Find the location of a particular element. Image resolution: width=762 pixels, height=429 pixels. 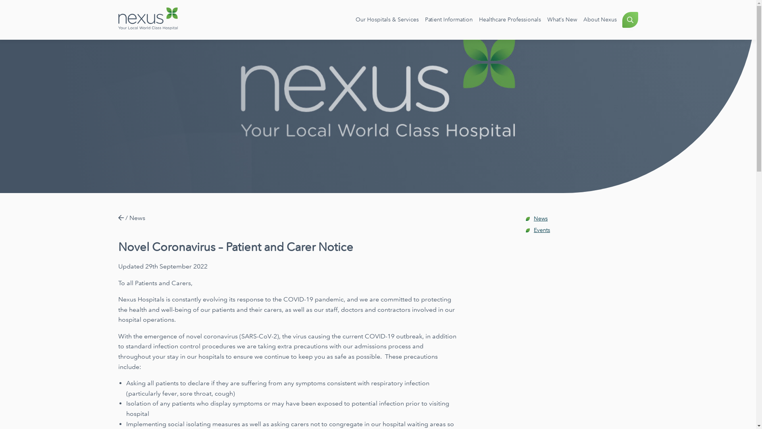

'Patient Information' is located at coordinates (448, 19).